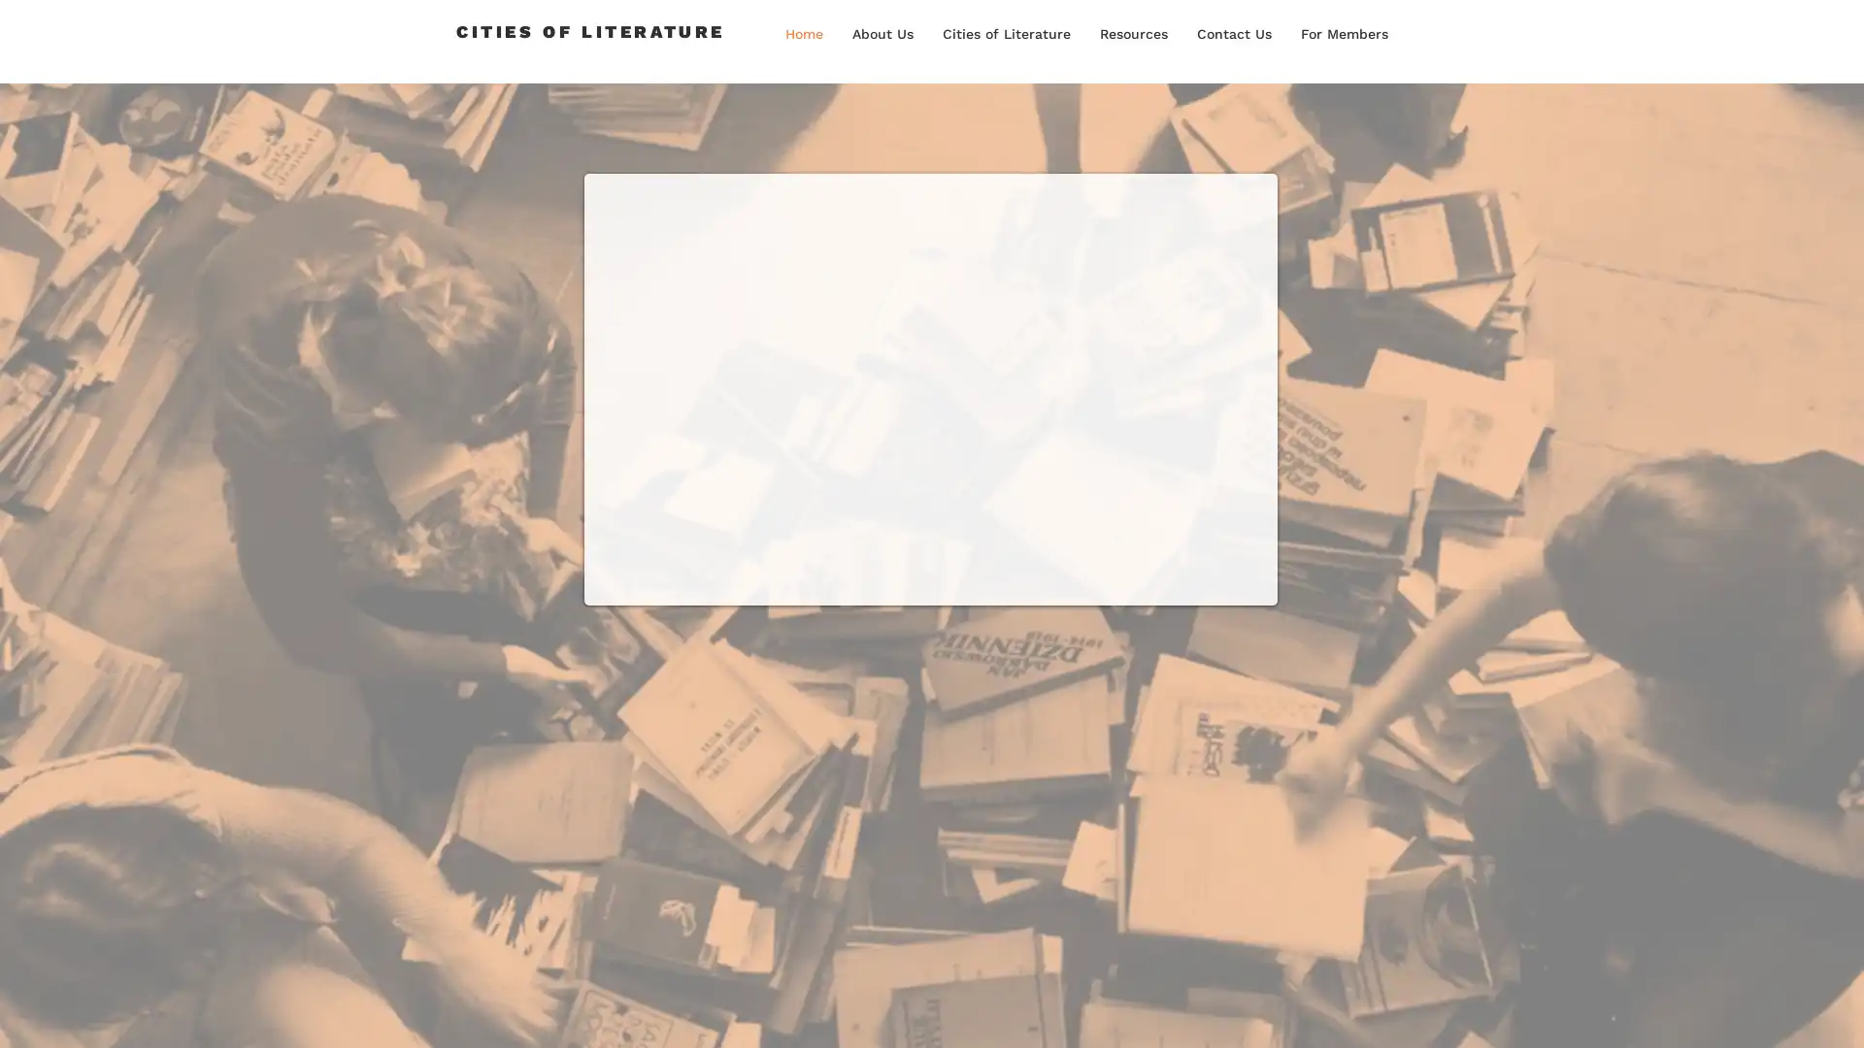 This screenshot has height=1048, width=1864. I want to click on Close, so click(1840, 1013).